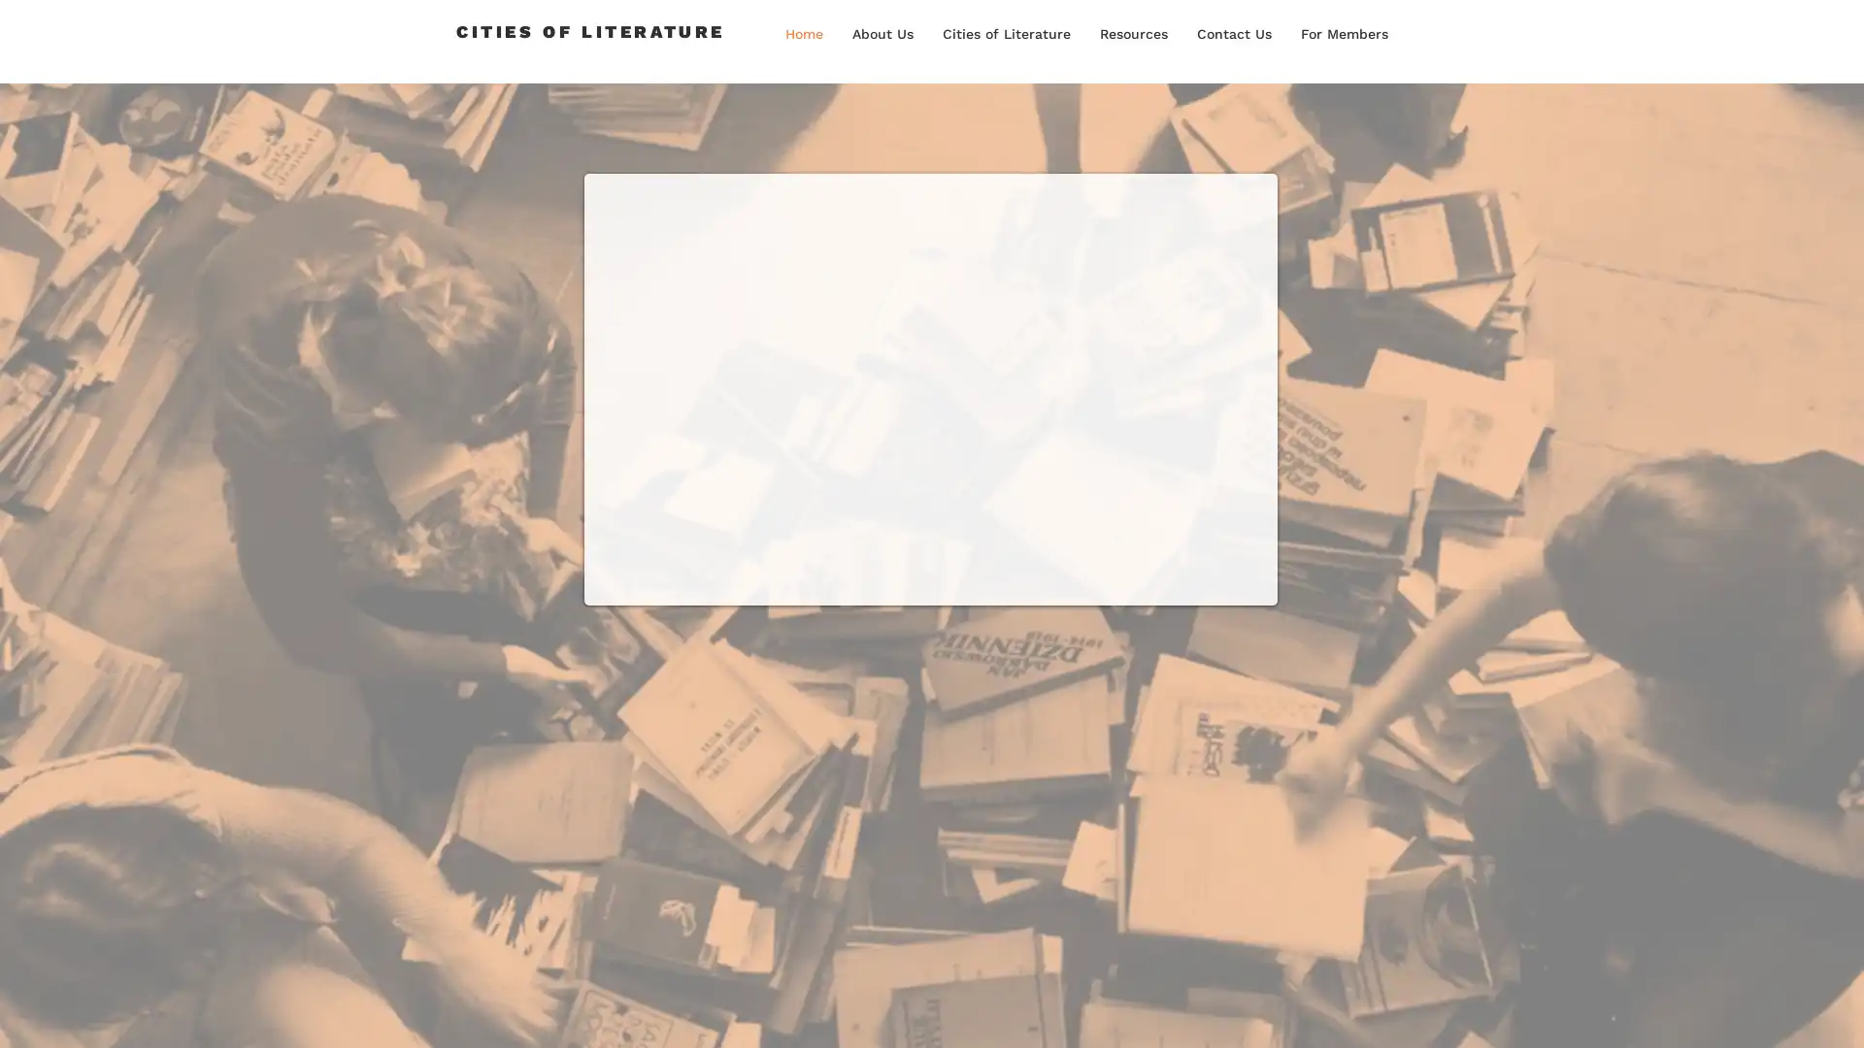 This screenshot has height=1048, width=1864. I want to click on Close, so click(1840, 1013).